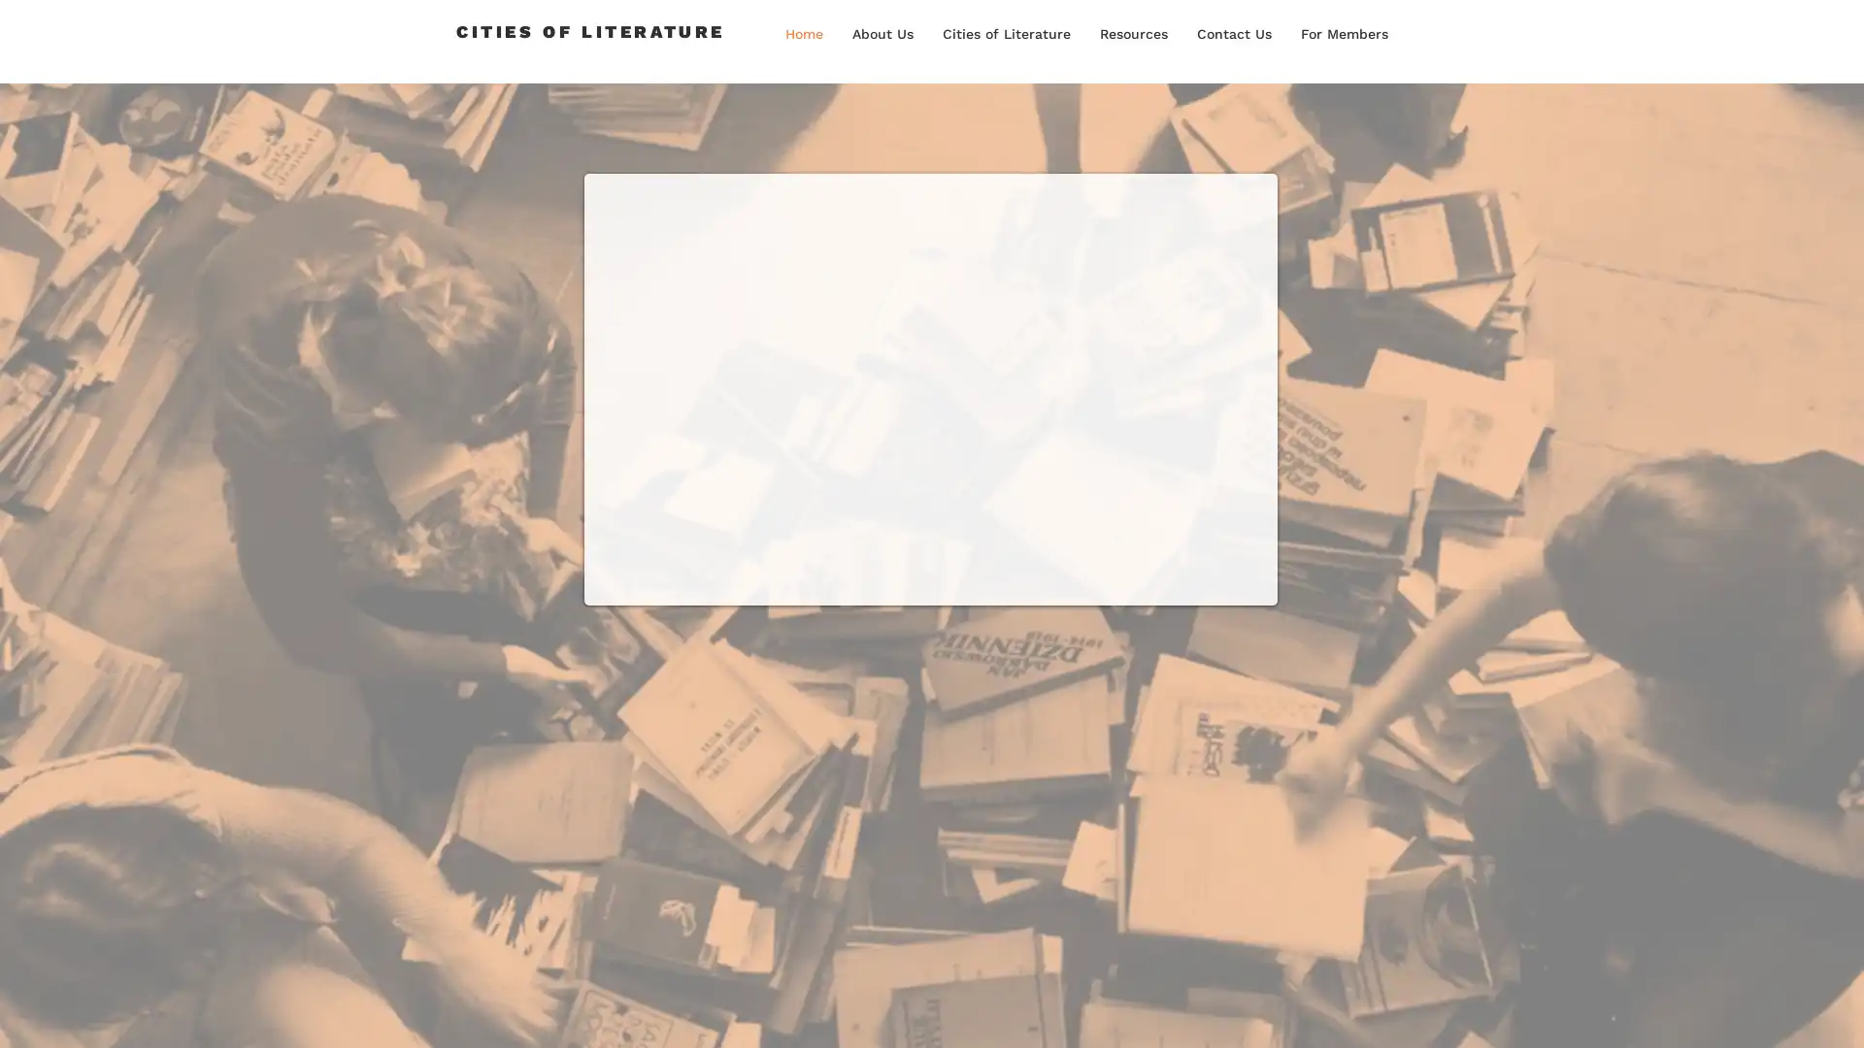 This screenshot has height=1048, width=1864. I want to click on Close, so click(1840, 1013).